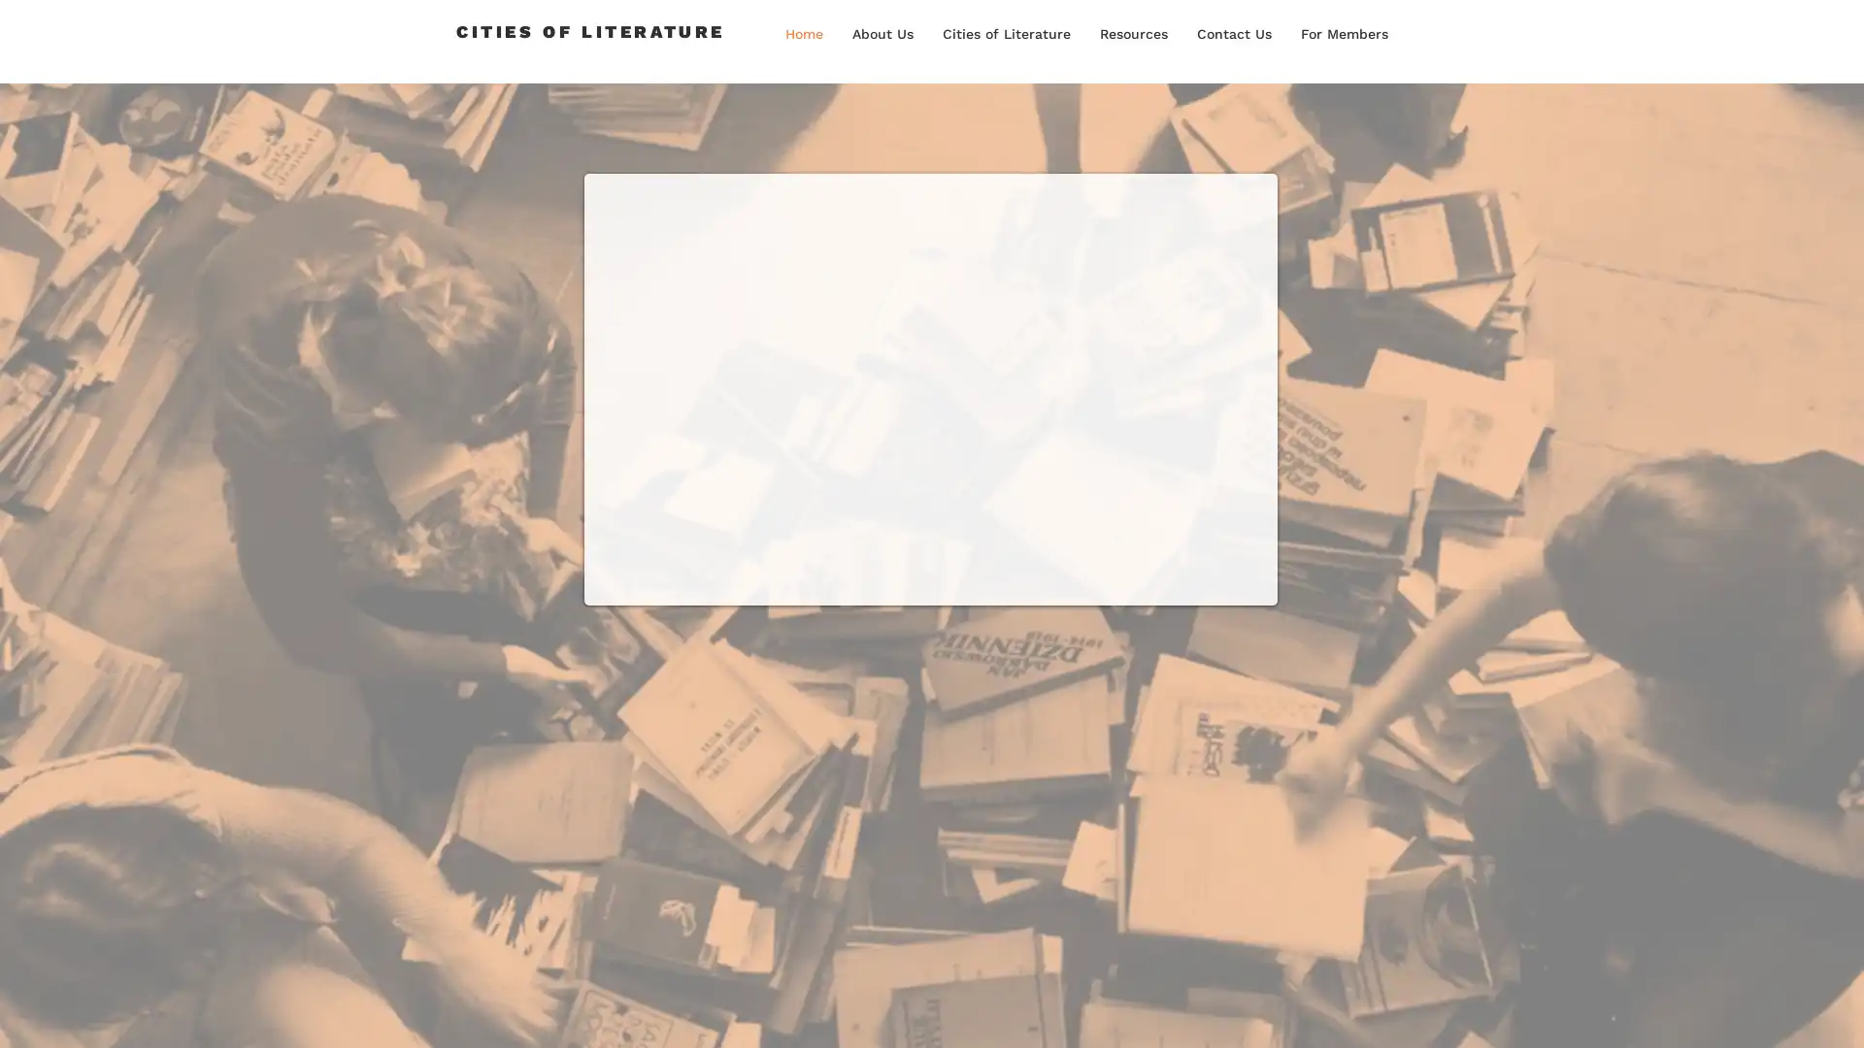 This screenshot has height=1048, width=1864. I want to click on Close, so click(1840, 1013).